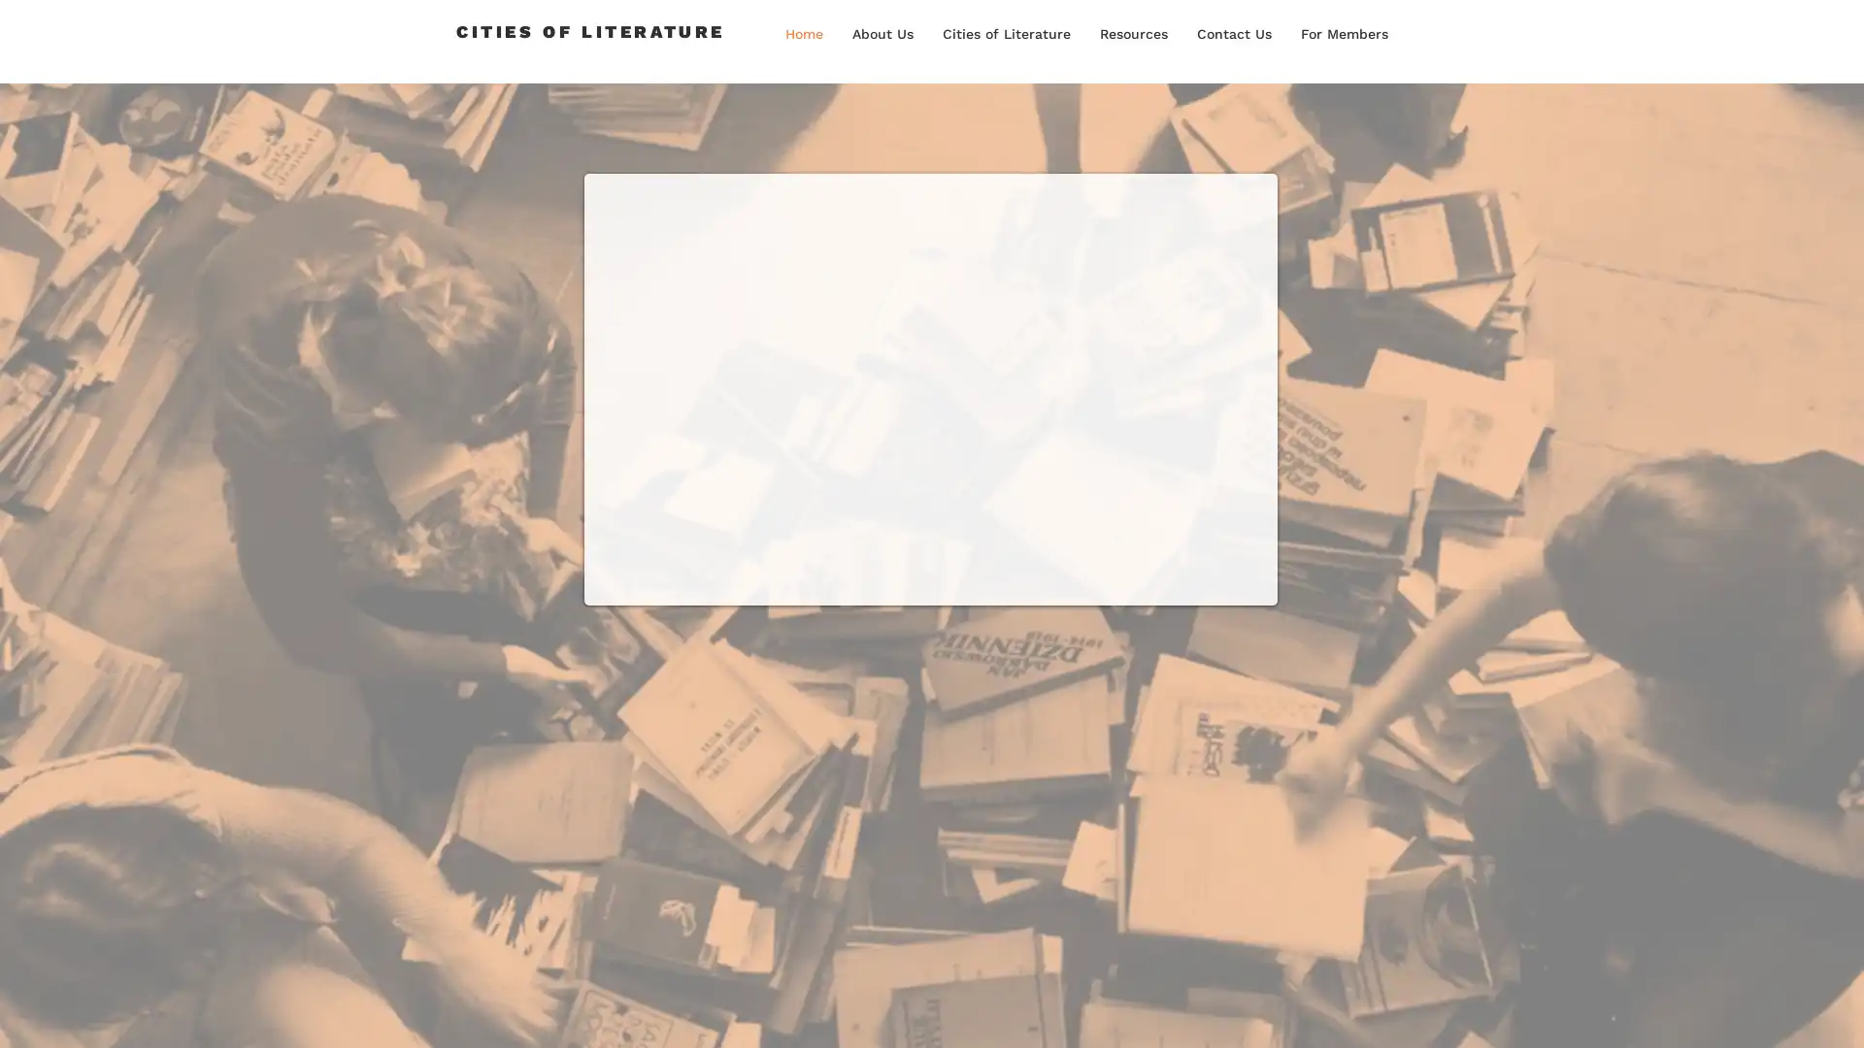 This screenshot has height=1048, width=1864. I want to click on Close, so click(1840, 1013).